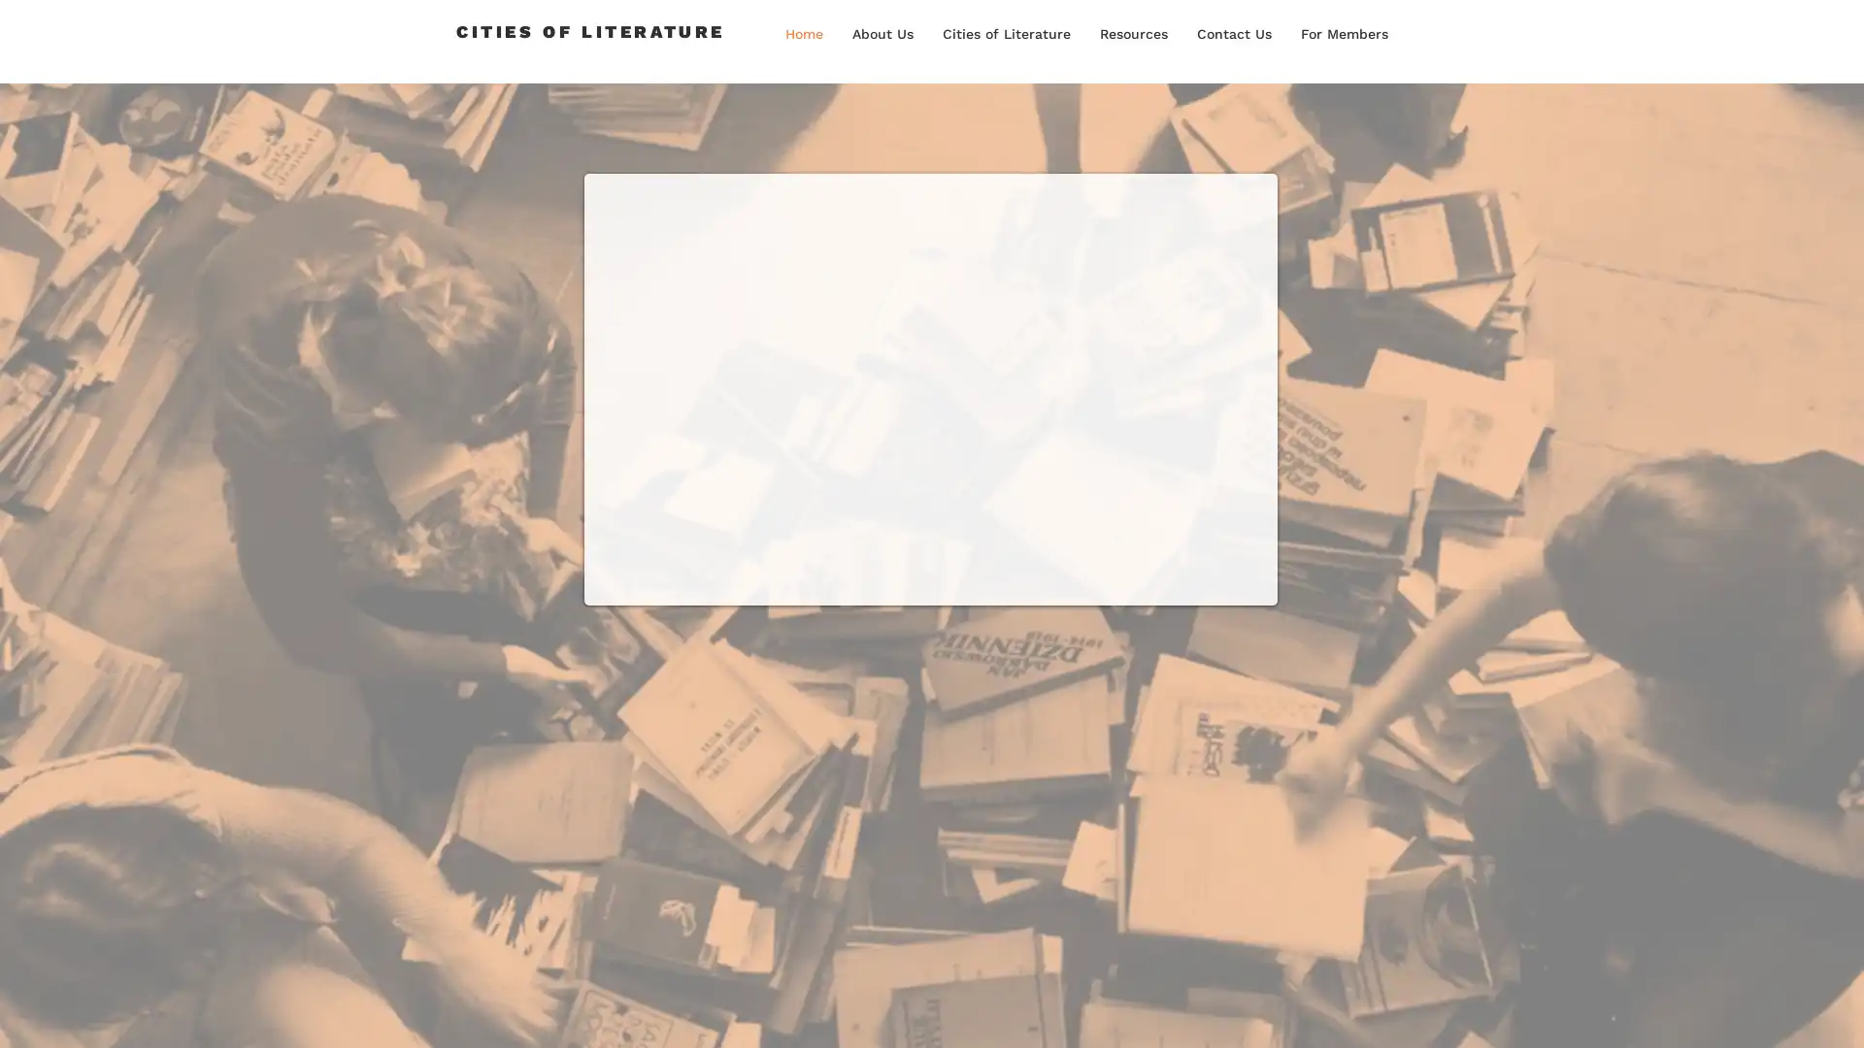 This screenshot has height=1048, width=1864. I want to click on Close, so click(1840, 1013).